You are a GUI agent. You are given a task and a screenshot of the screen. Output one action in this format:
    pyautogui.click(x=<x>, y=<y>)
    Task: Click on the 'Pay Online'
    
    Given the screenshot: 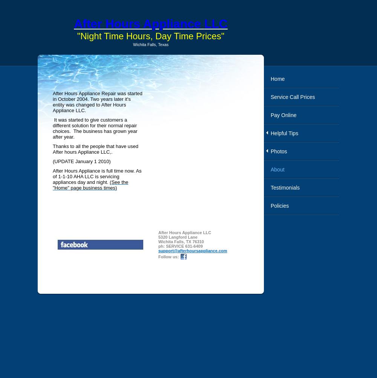 What is the action you would take?
    pyautogui.click(x=284, y=115)
    